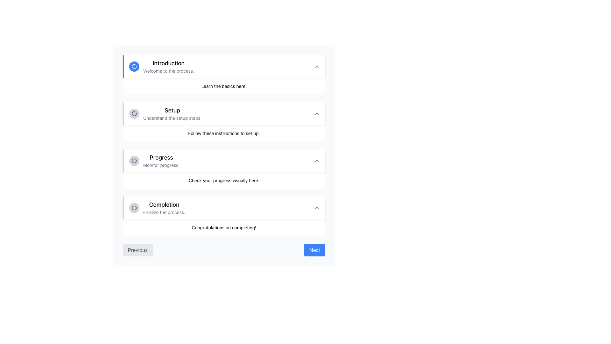 Image resolution: width=611 pixels, height=344 pixels. I want to click on the decorative circle icon in the second step titled 'Setup' within the vertical stepper interface, so click(134, 161).